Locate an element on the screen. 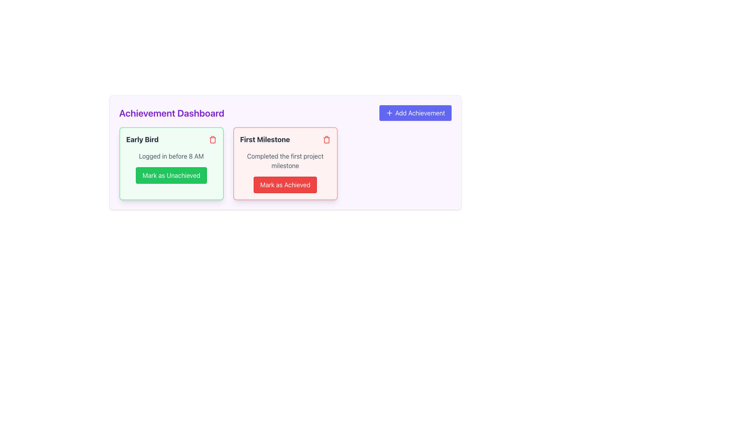  the small red trash can icon button located to the right of the title 'First Milestone' is located at coordinates (326, 139).